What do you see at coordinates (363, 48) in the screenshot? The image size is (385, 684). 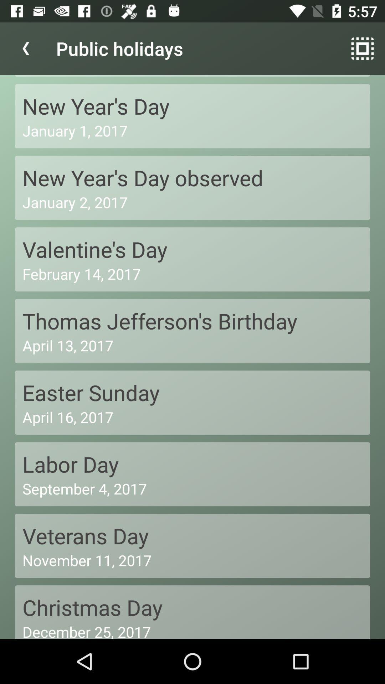 I see `symbol next to public holidays` at bounding box center [363, 48].